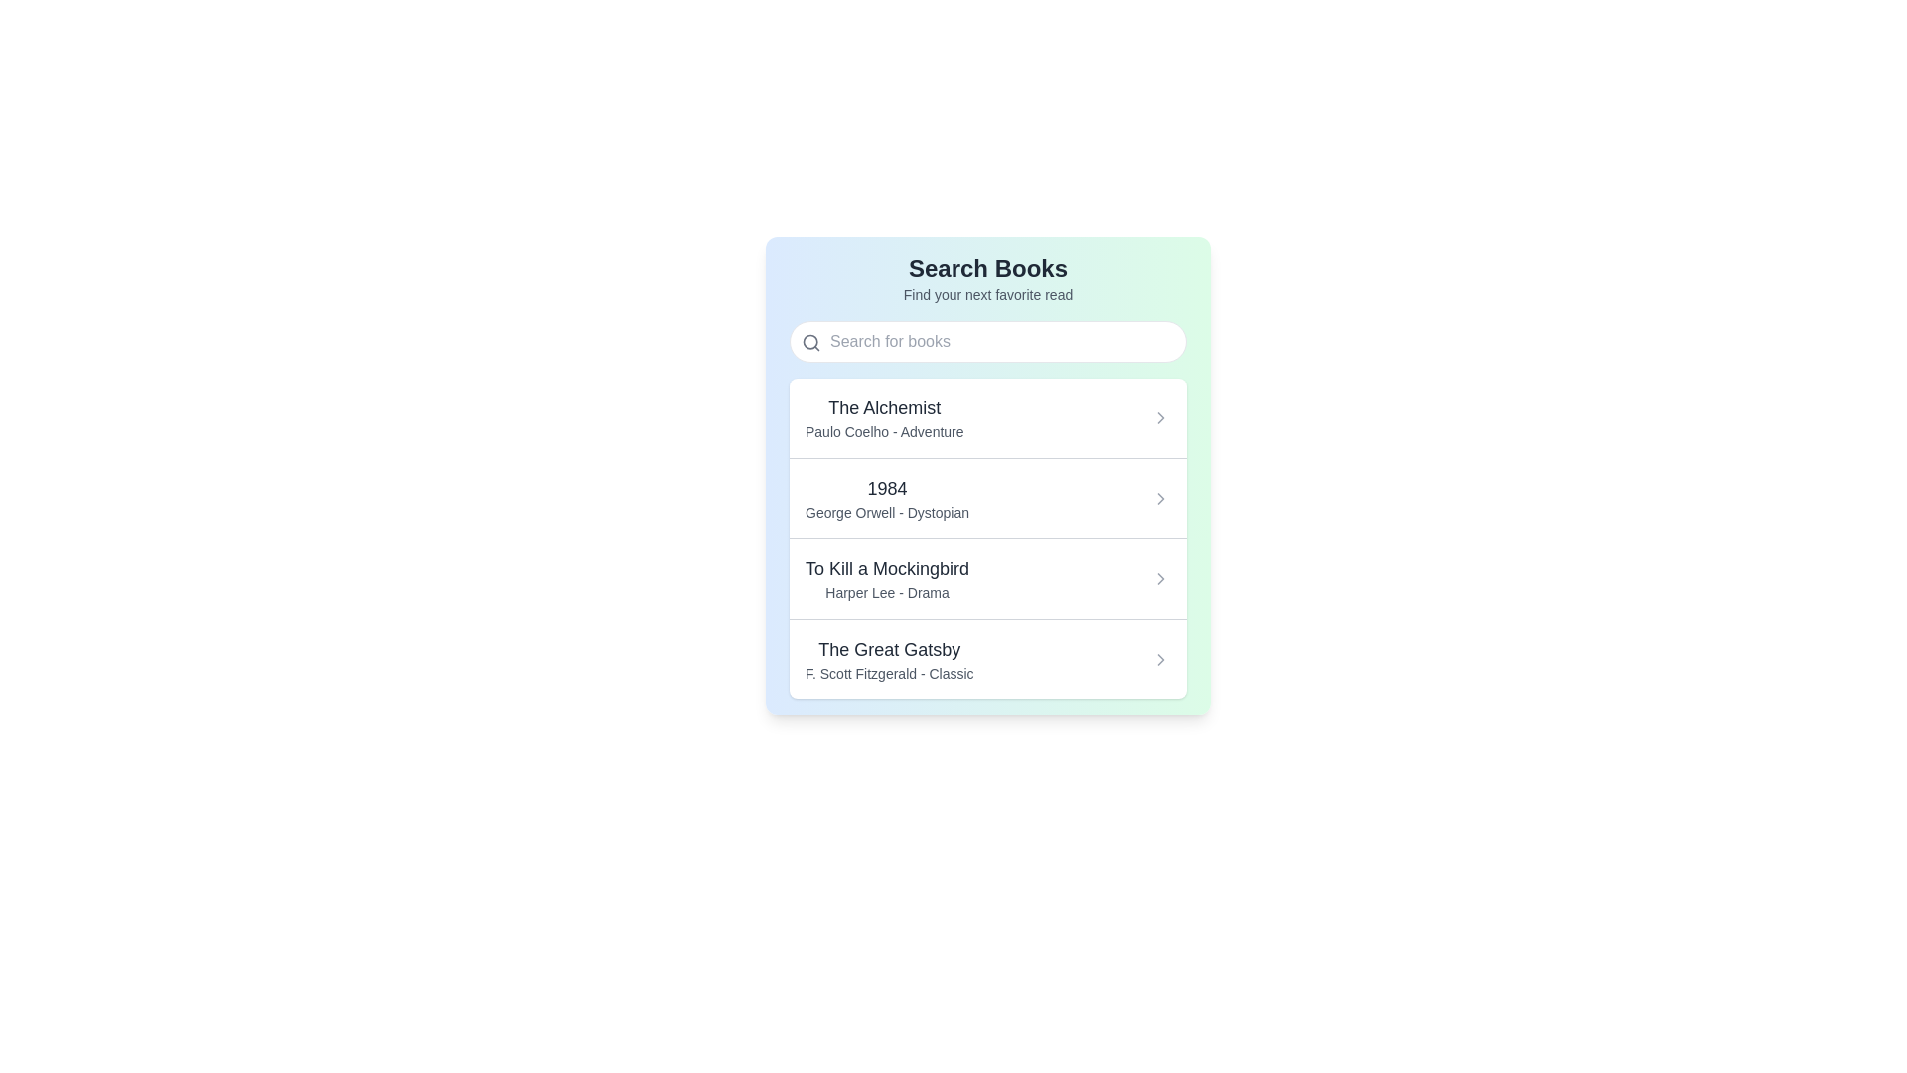  What do you see at coordinates (1161, 497) in the screenshot?
I see `the chevron icon located at the far right of the '1984 George Orwell - Dystopian' list item` at bounding box center [1161, 497].